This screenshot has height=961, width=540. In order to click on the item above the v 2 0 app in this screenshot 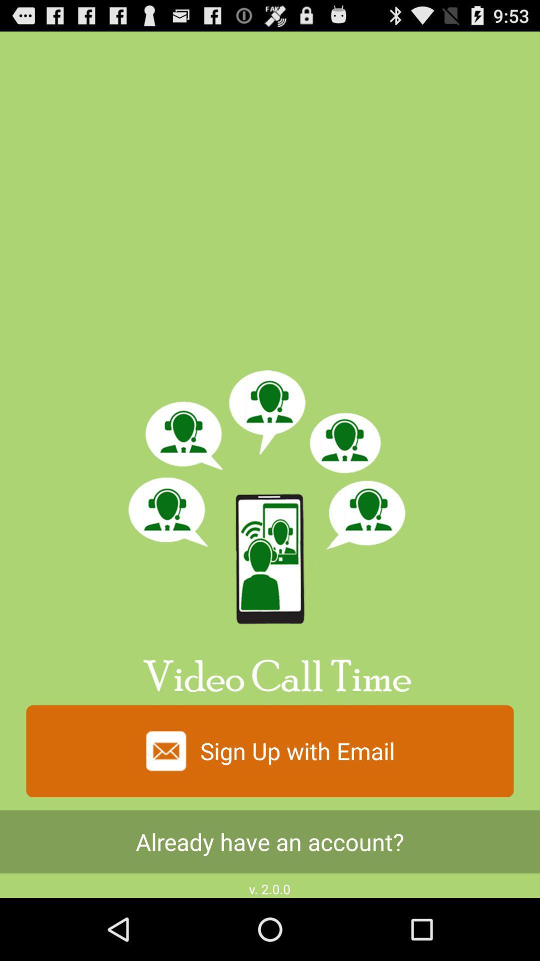, I will do `click(270, 841)`.